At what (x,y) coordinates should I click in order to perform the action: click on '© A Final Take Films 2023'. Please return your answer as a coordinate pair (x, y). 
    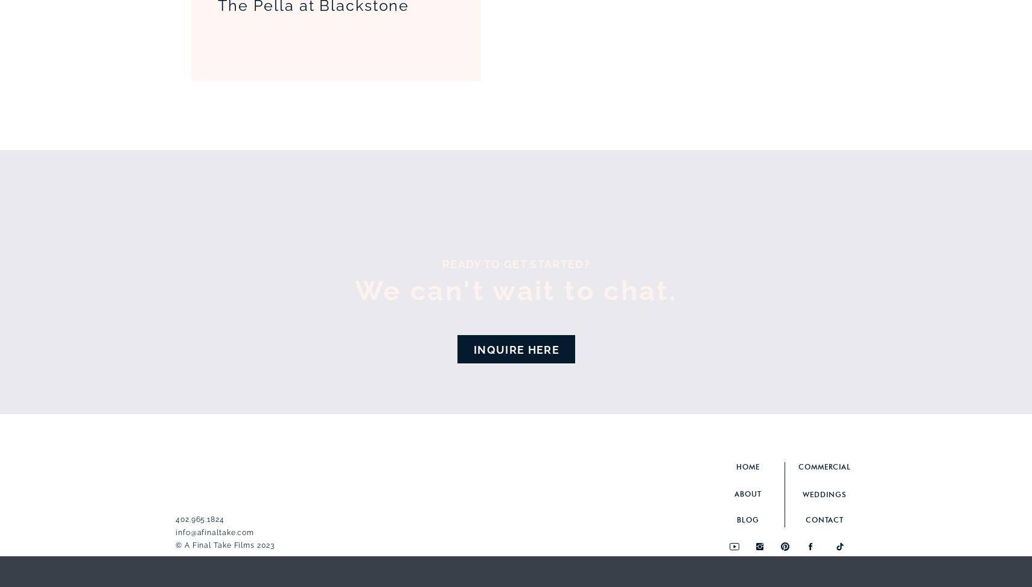
    Looking at the image, I should click on (175, 545).